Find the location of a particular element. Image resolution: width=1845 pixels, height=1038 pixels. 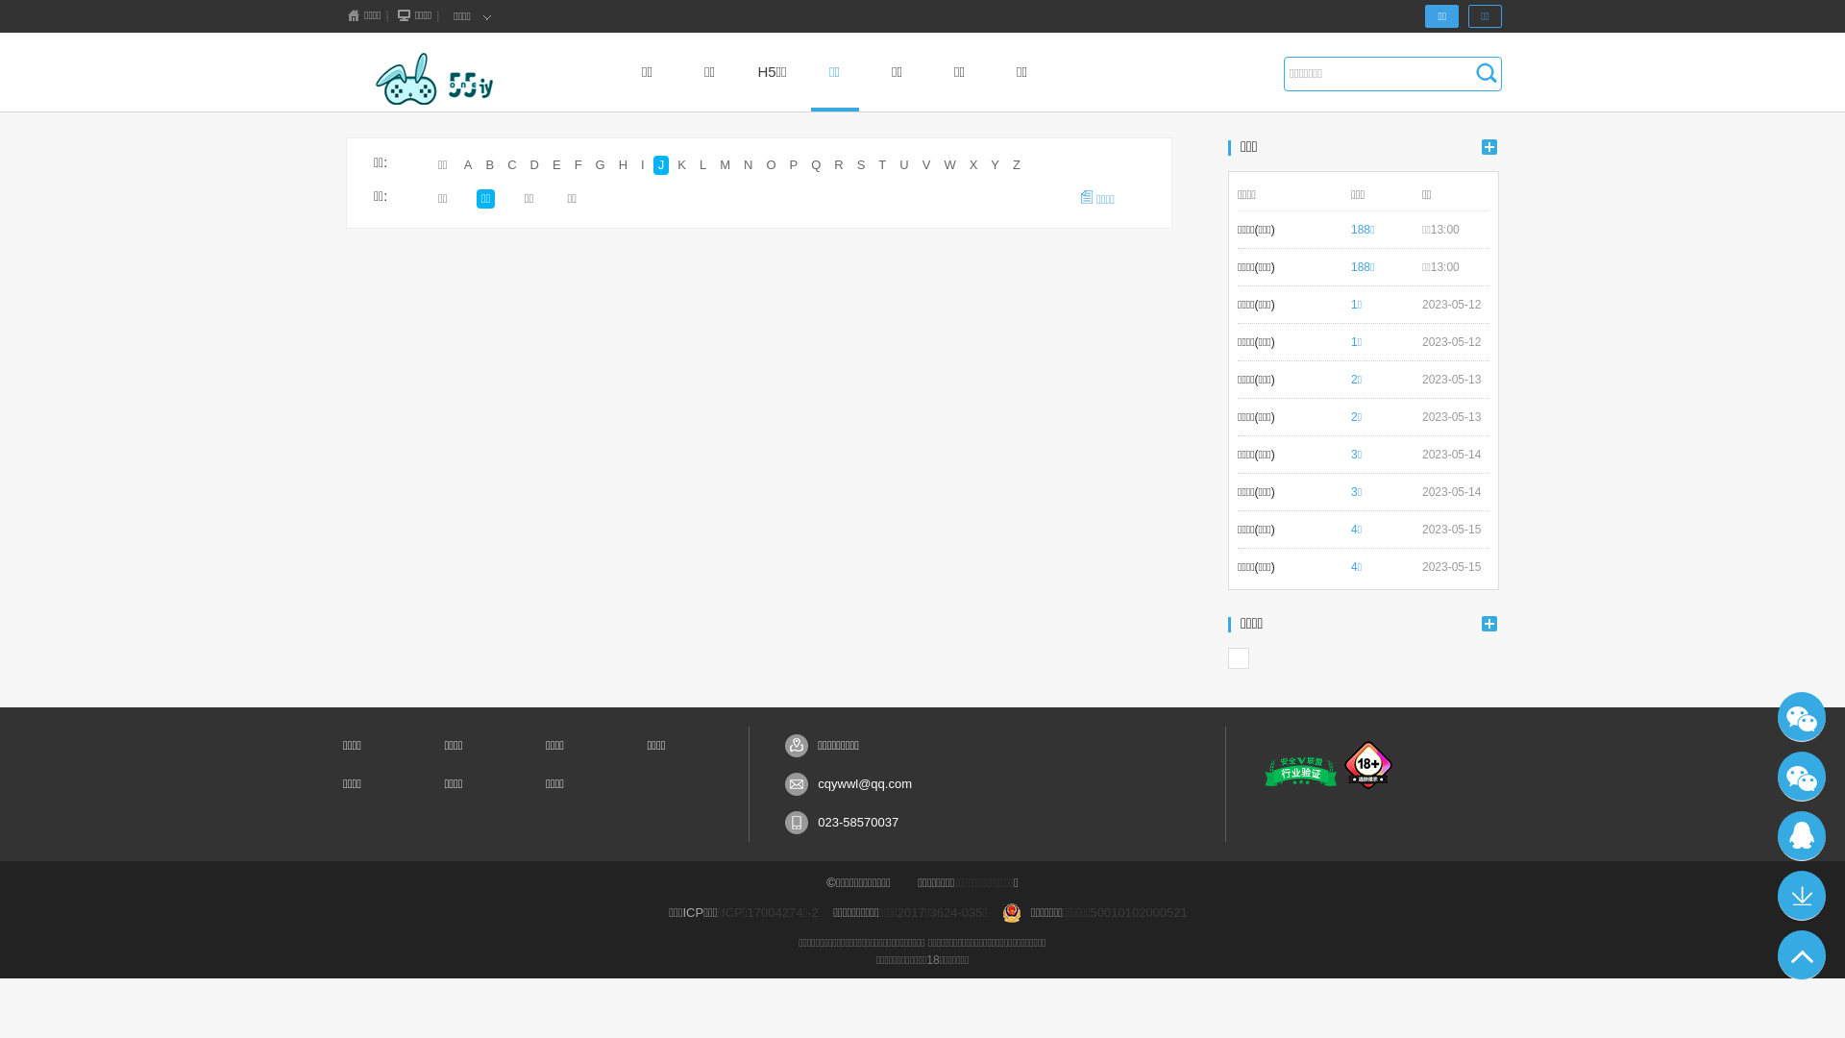

'D' is located at coordinates (534, 164).